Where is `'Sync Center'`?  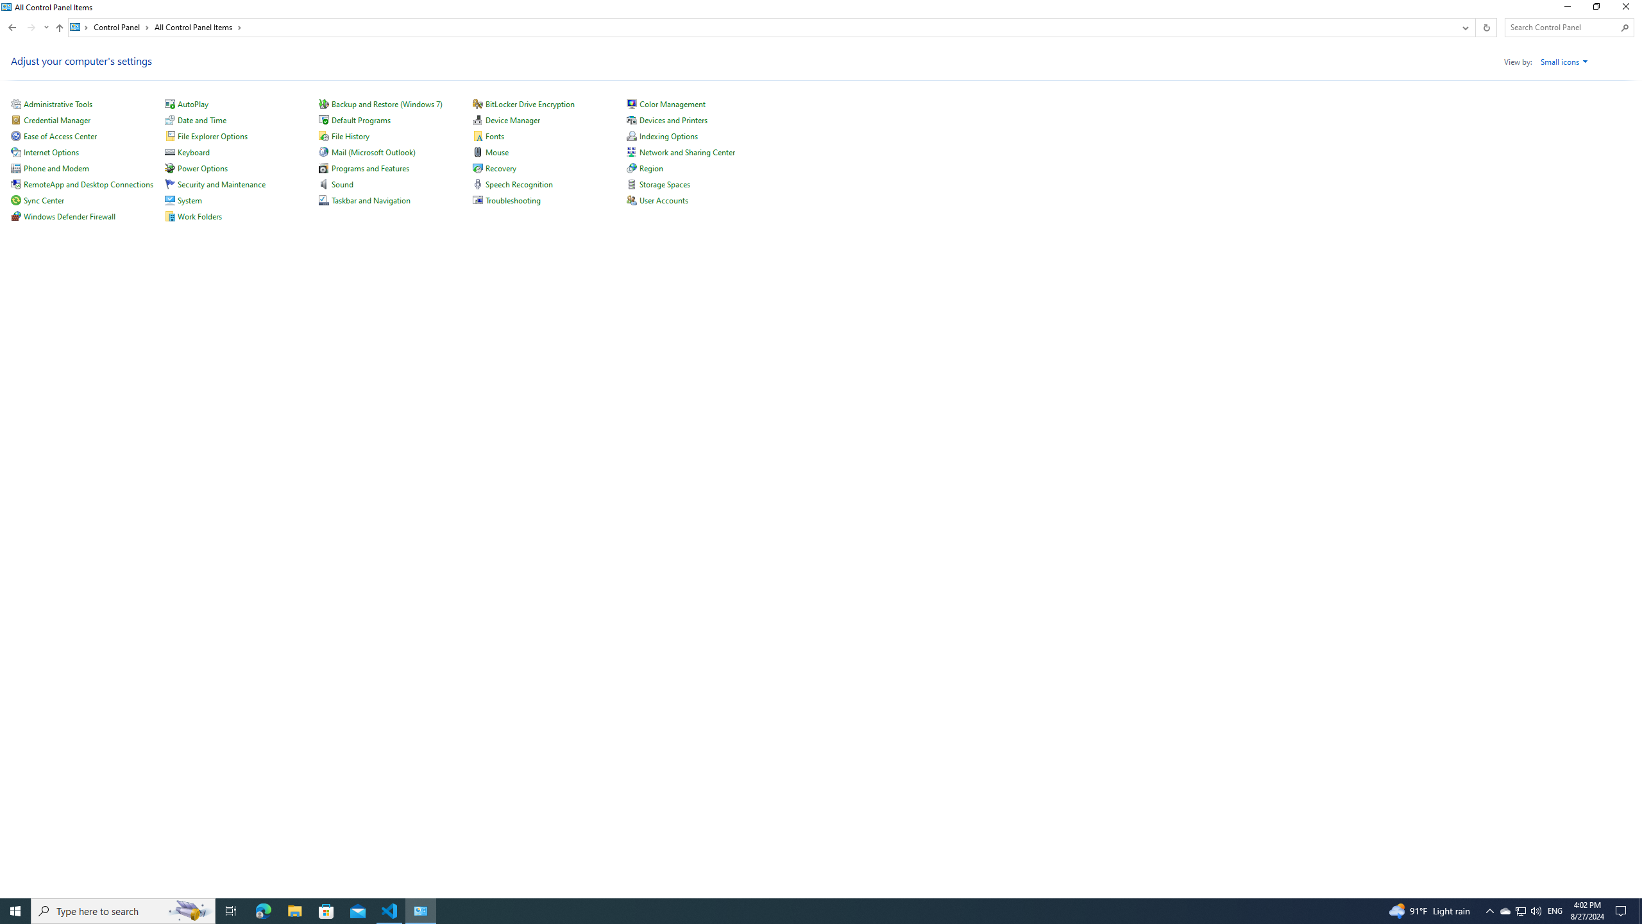 'Sync Center' is located at coordinates (44, 200).